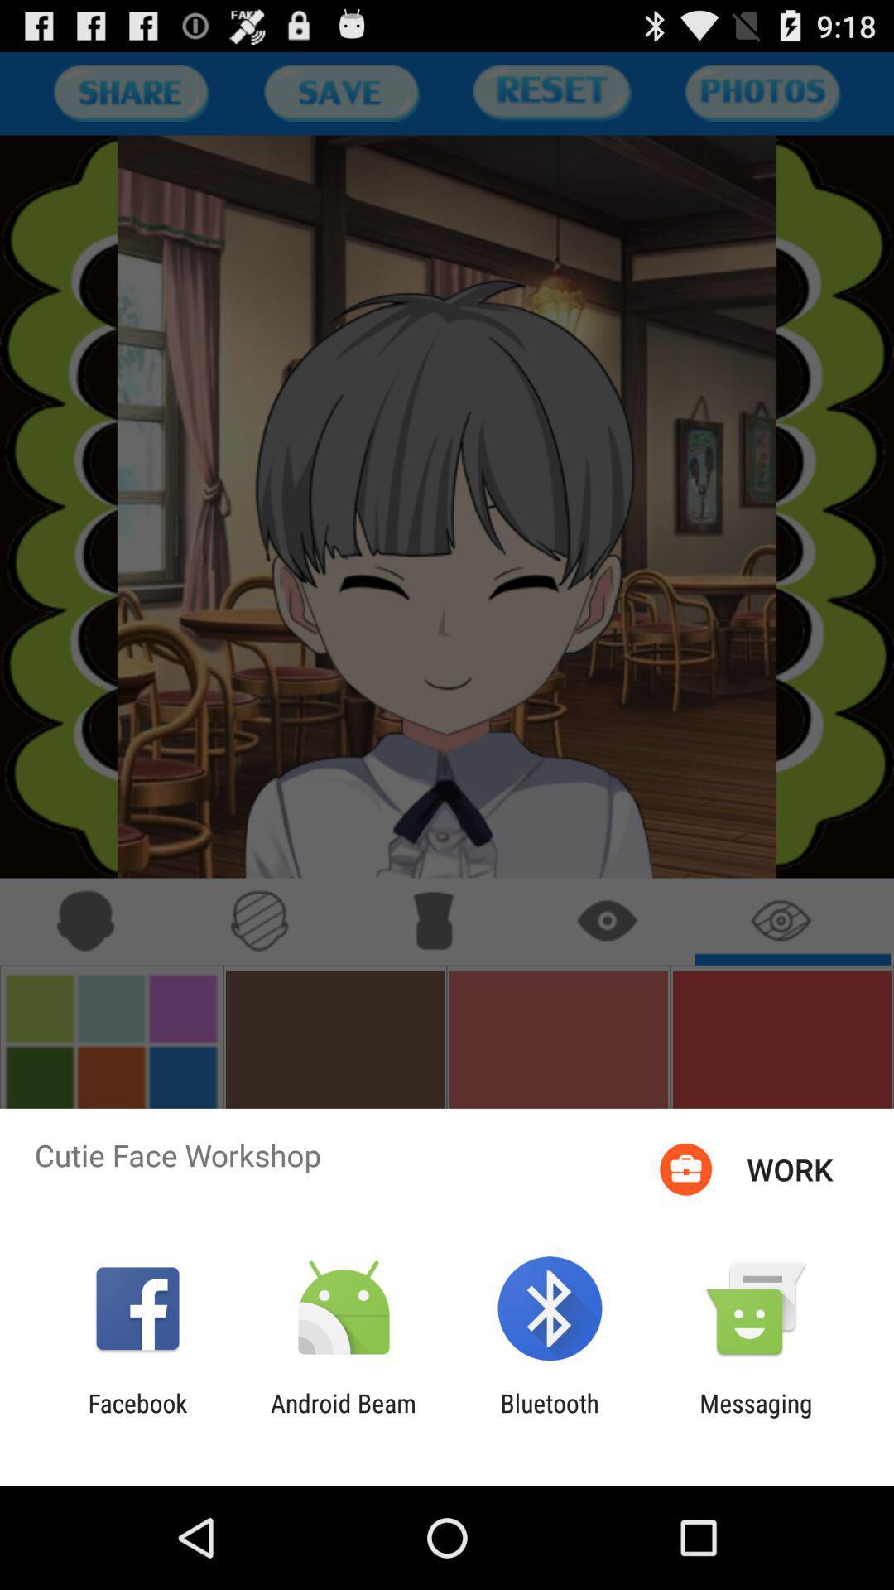 The height and width of the screenshot is (1590, 894). Describe the element at coordinates (343, 1417) in the screenshot. I see `android beam item` at that location.